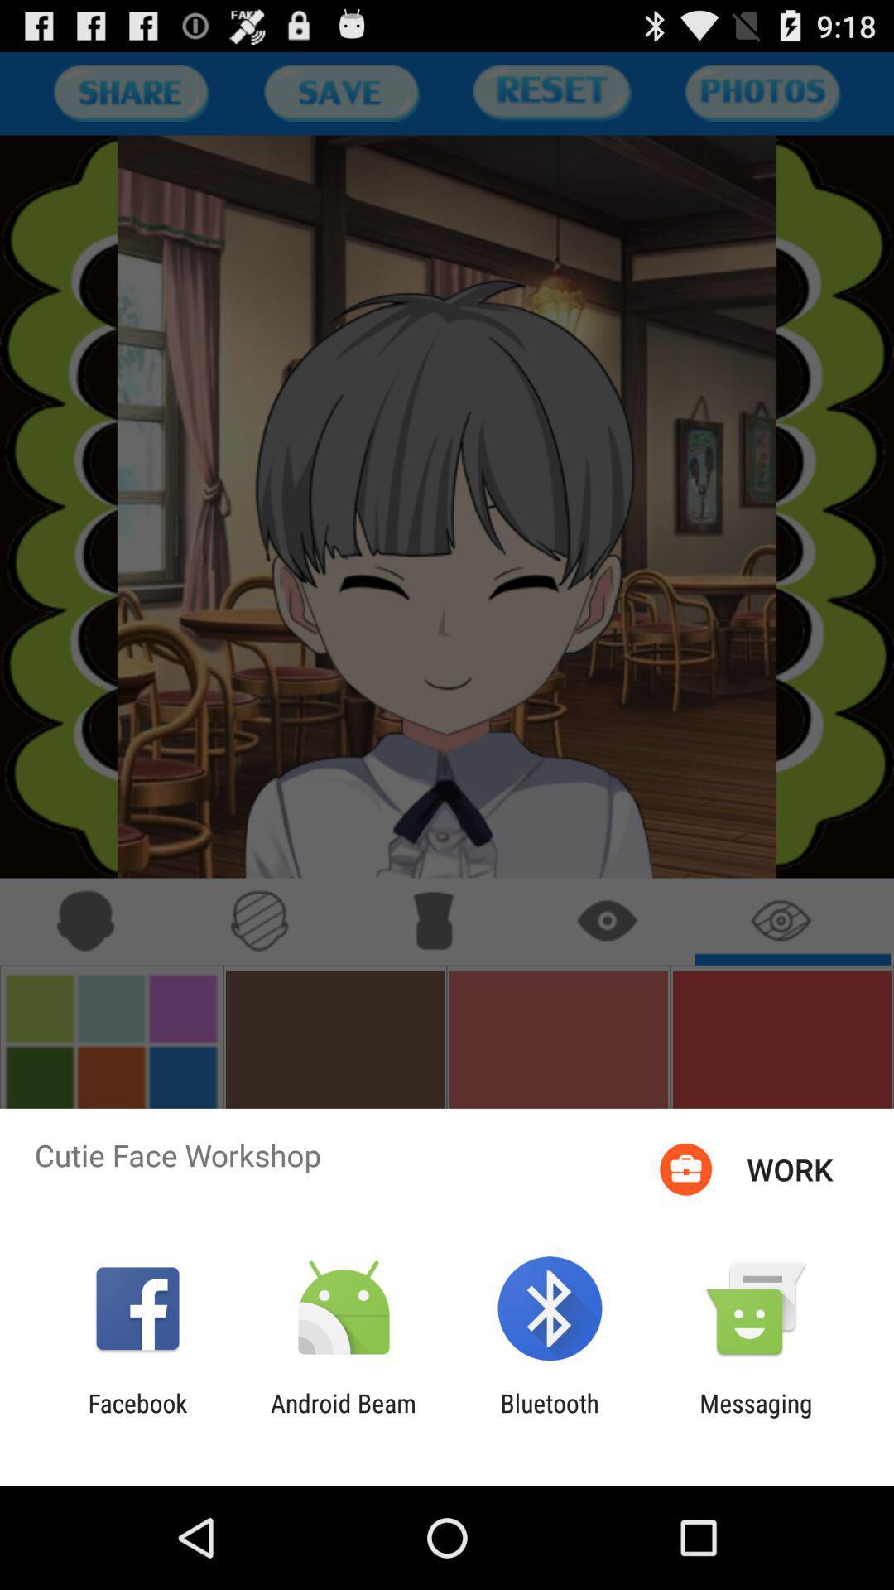 The height and width of the screenshot is (1590, 894). Describe the element at coordinates (343, 1417) in the screenshot. I see `android beam item` at that location.